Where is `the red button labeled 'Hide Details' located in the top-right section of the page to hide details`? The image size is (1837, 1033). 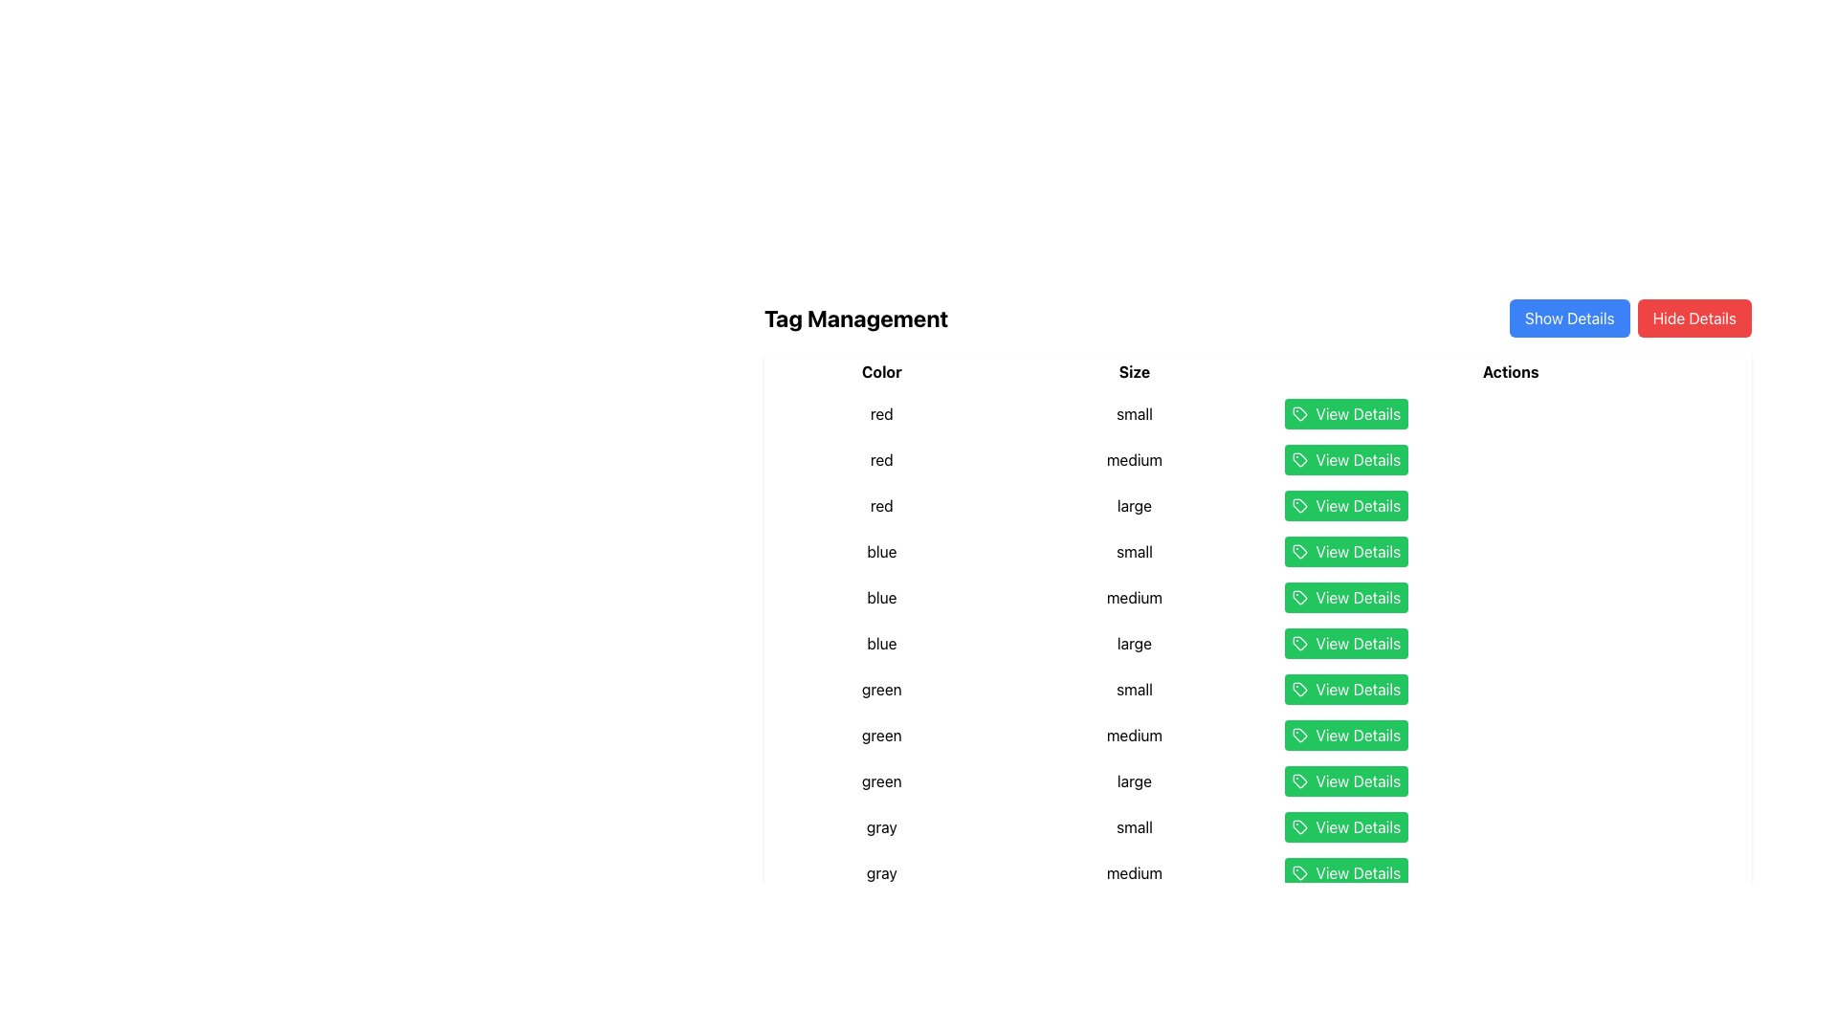 the red button labeled 'Hide Details' located in the top-right section of the page to hide details is located at coordinates (1694, 317).